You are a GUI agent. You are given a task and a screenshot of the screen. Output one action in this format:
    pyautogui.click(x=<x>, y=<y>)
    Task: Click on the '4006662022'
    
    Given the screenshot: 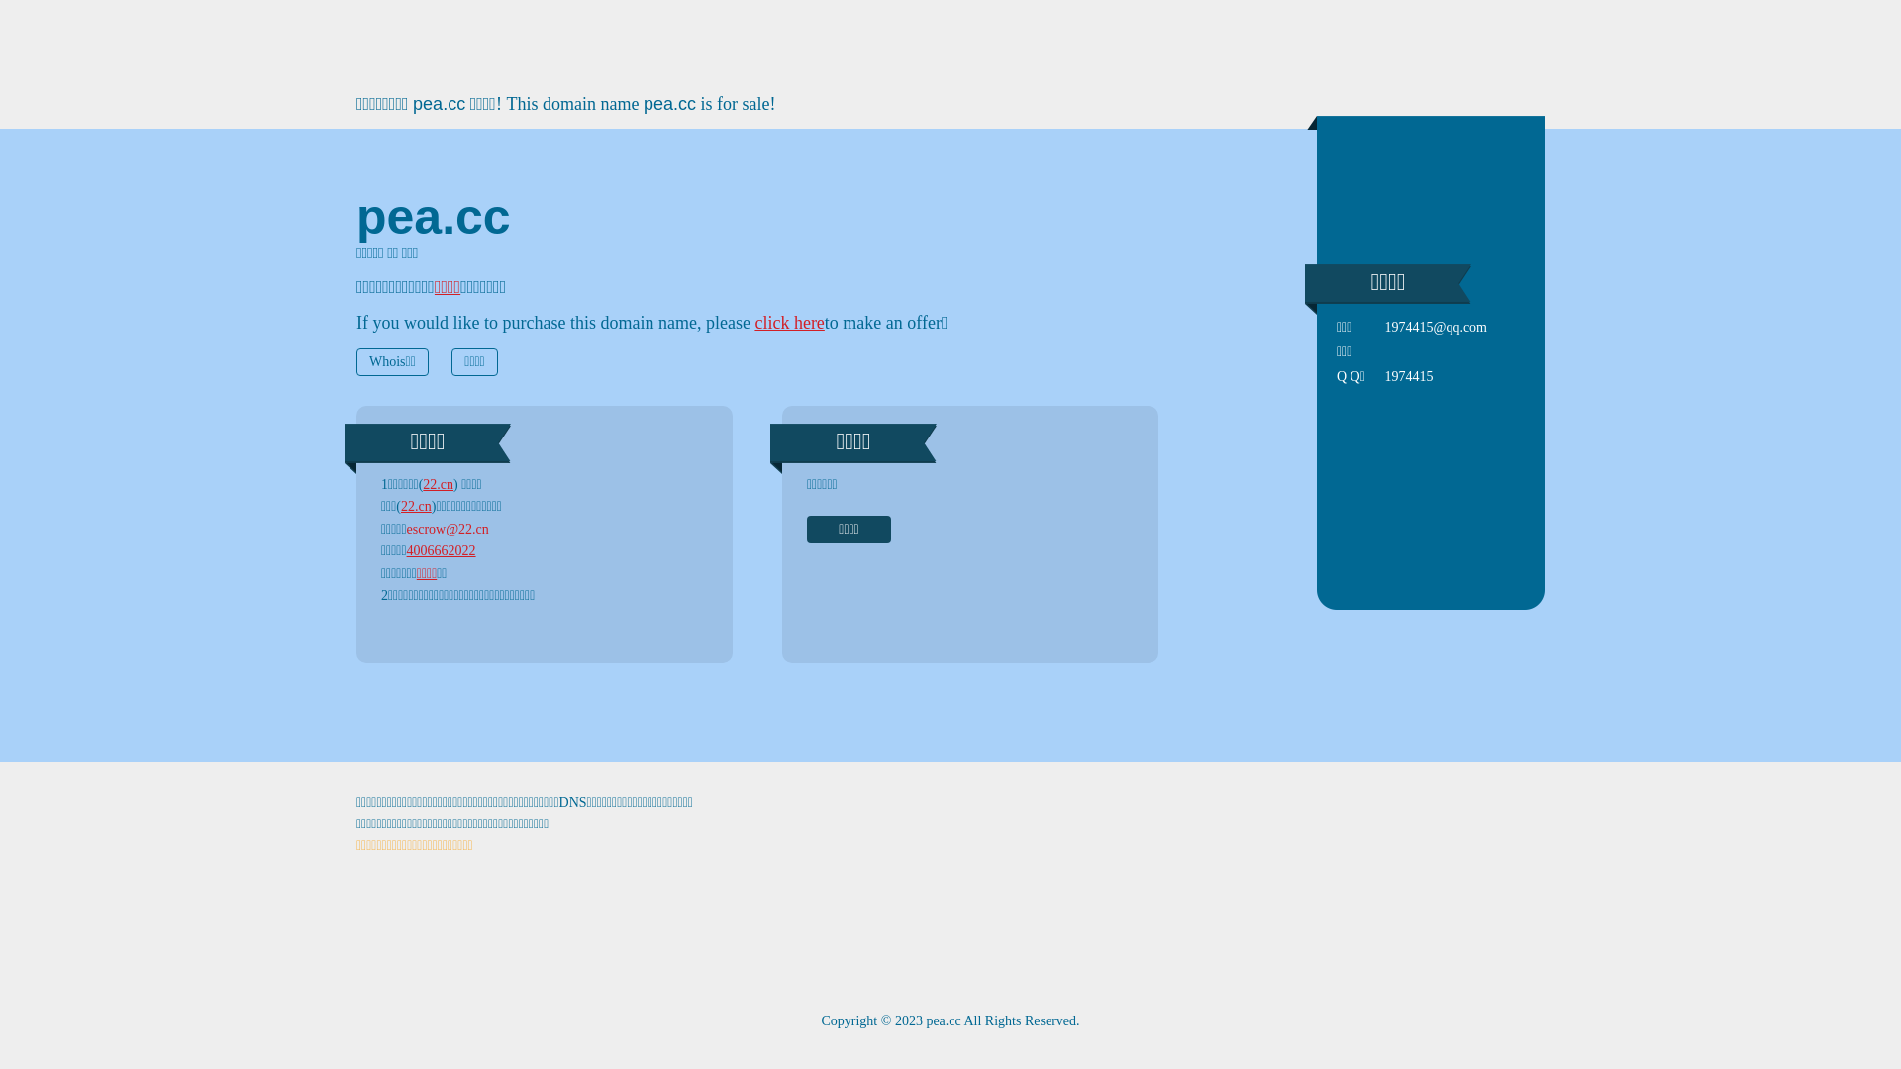 What is the action you would take?
    pyautogui.click(x=441, y=550)
    